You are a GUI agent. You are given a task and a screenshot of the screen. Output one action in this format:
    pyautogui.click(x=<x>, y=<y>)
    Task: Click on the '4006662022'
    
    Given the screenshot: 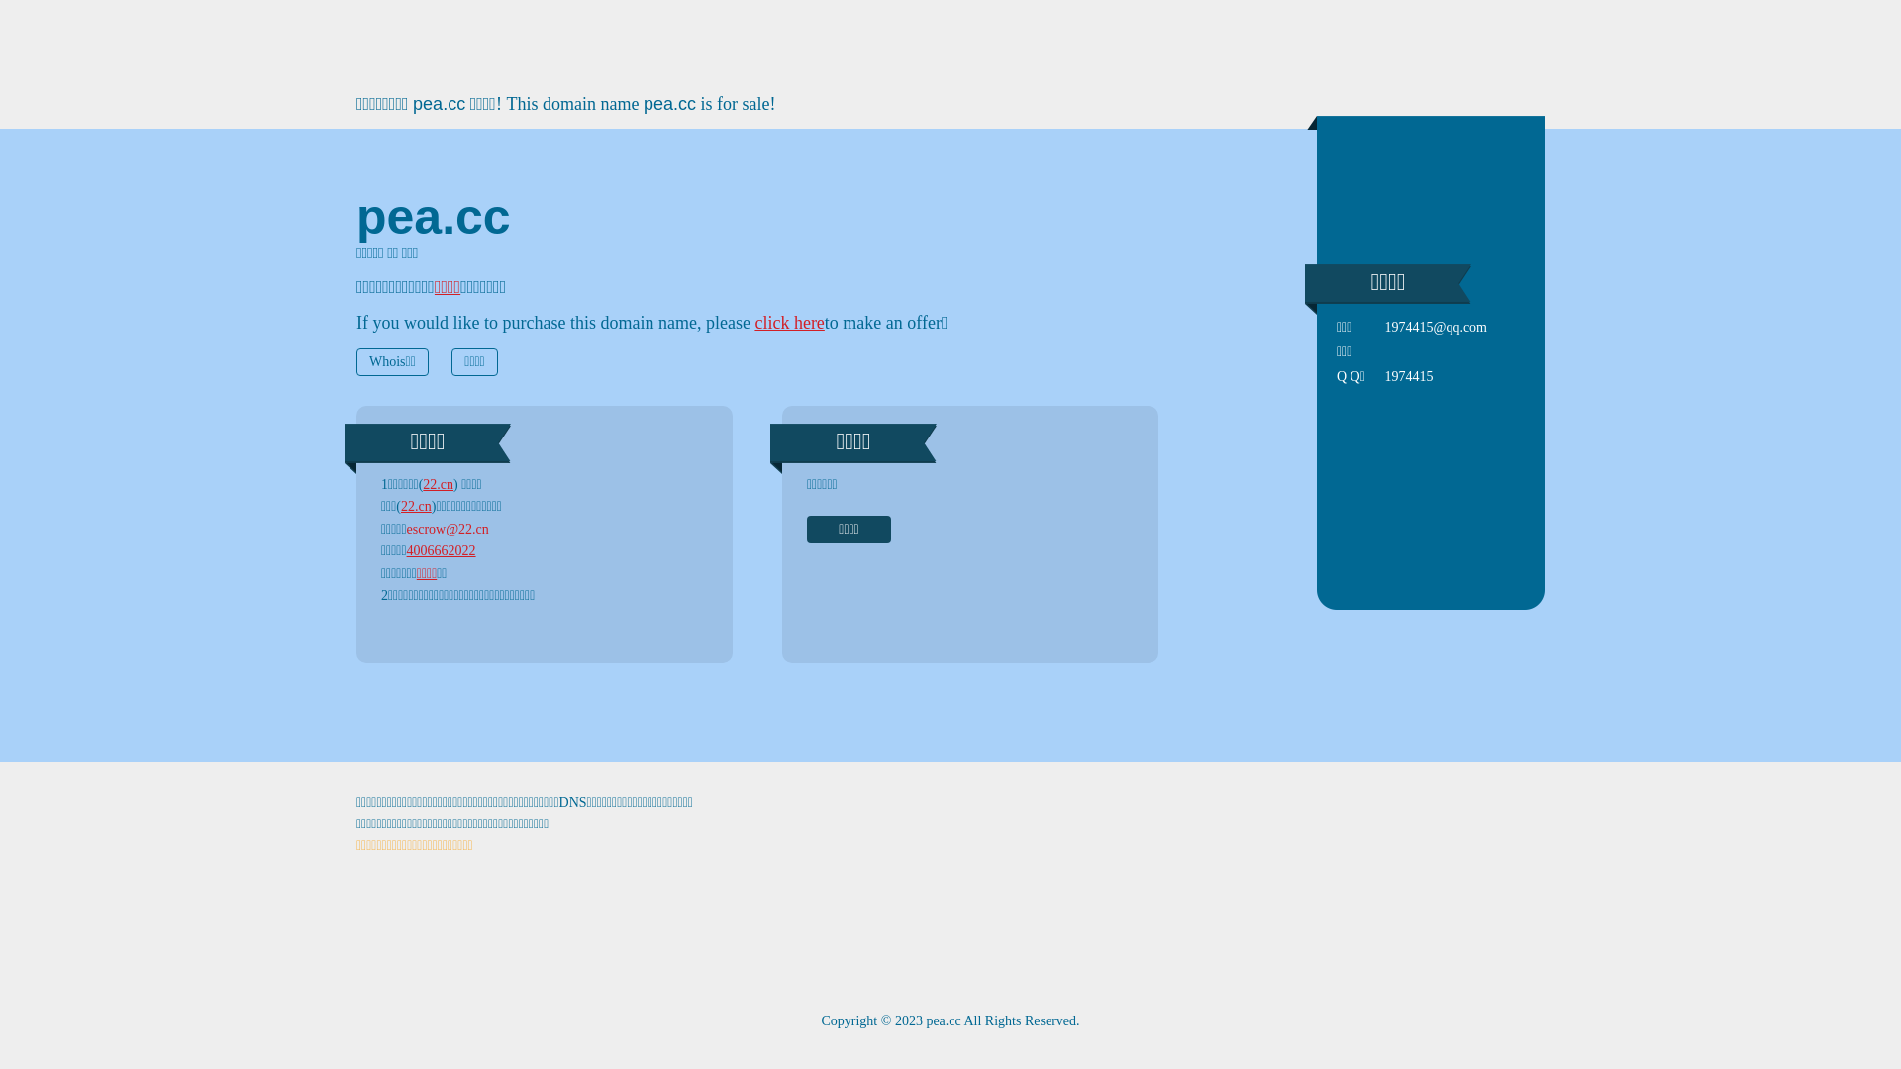 What is the action you would take?
    pyautogui.click(x=441, y=550)
    